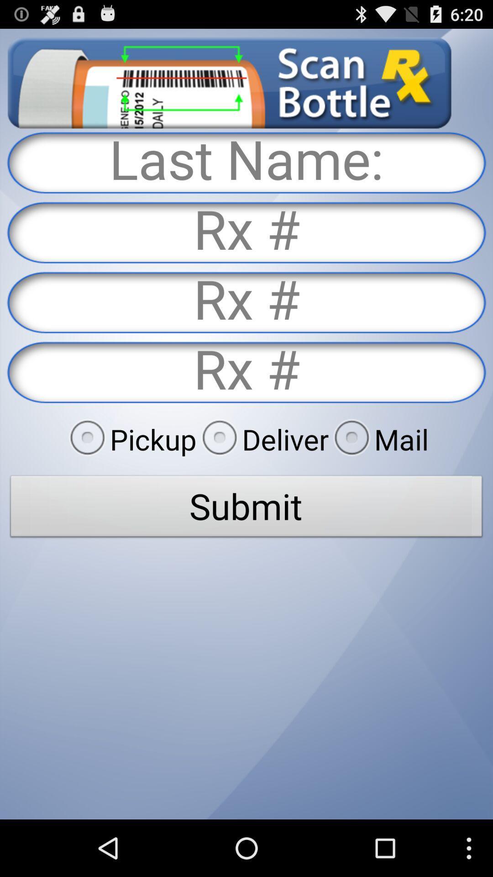  I want to click on button above the submit button, so click(130, 439).